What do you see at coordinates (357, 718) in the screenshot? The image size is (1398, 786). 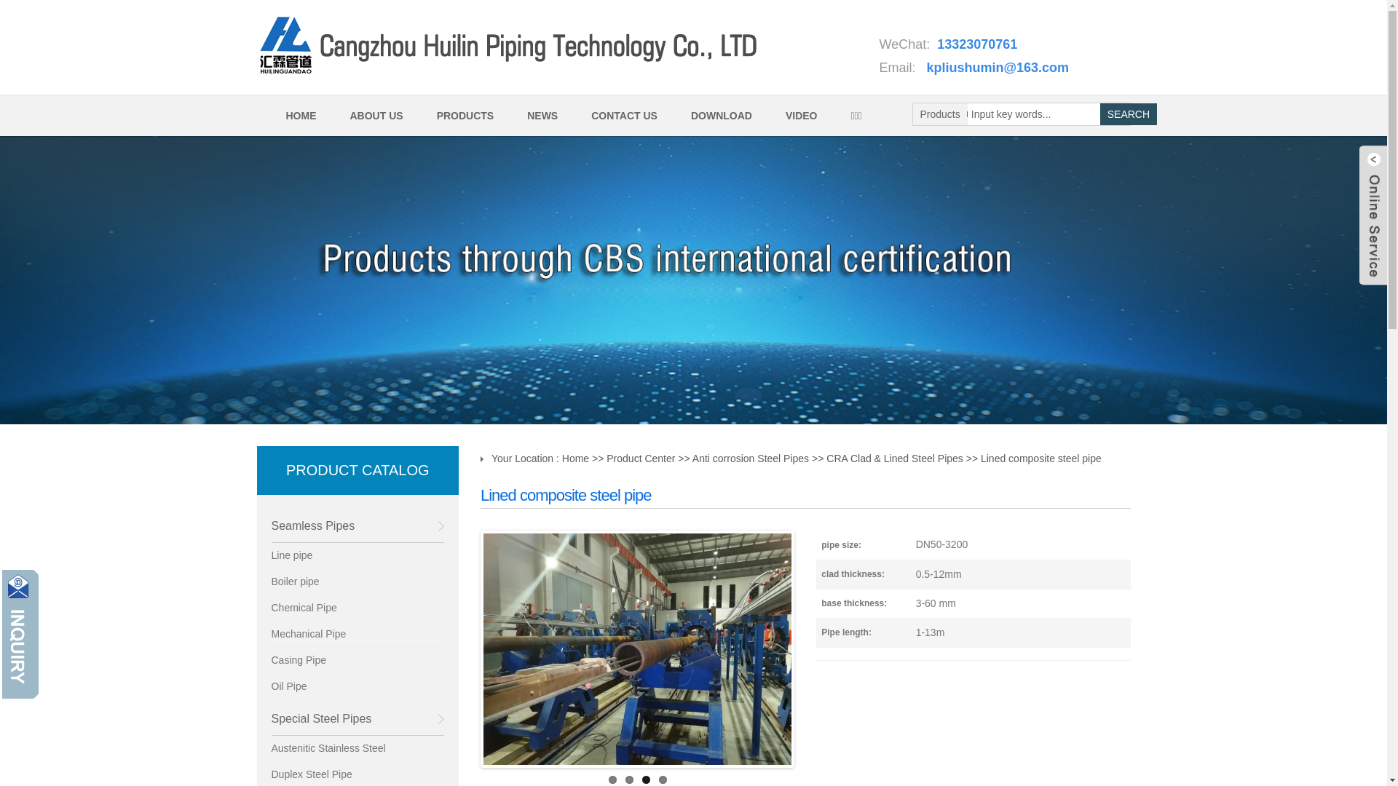 I see `'Special Steel Pipes'` at bounding box center [357, 718].